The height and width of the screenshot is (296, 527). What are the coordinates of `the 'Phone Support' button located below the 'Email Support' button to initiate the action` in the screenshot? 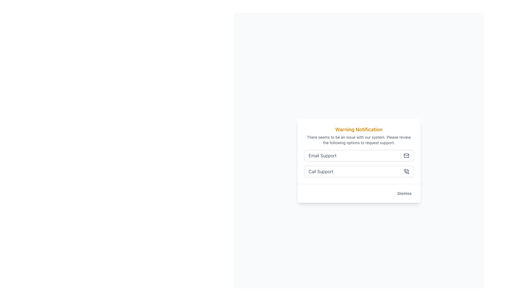 It's located at (359, 171).